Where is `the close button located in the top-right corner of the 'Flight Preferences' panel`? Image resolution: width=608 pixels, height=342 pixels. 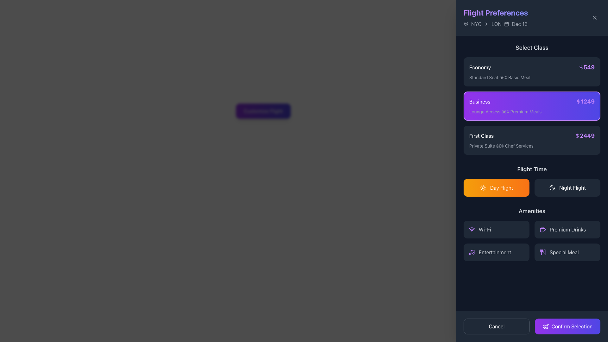 the close button located in the top-right corner of the 'Flight Preferences' panel is located at coordinates (594, 17).